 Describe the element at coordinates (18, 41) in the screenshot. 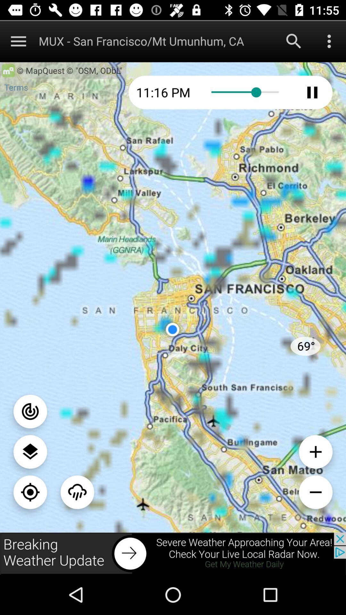

I see `menu icon` at that location.